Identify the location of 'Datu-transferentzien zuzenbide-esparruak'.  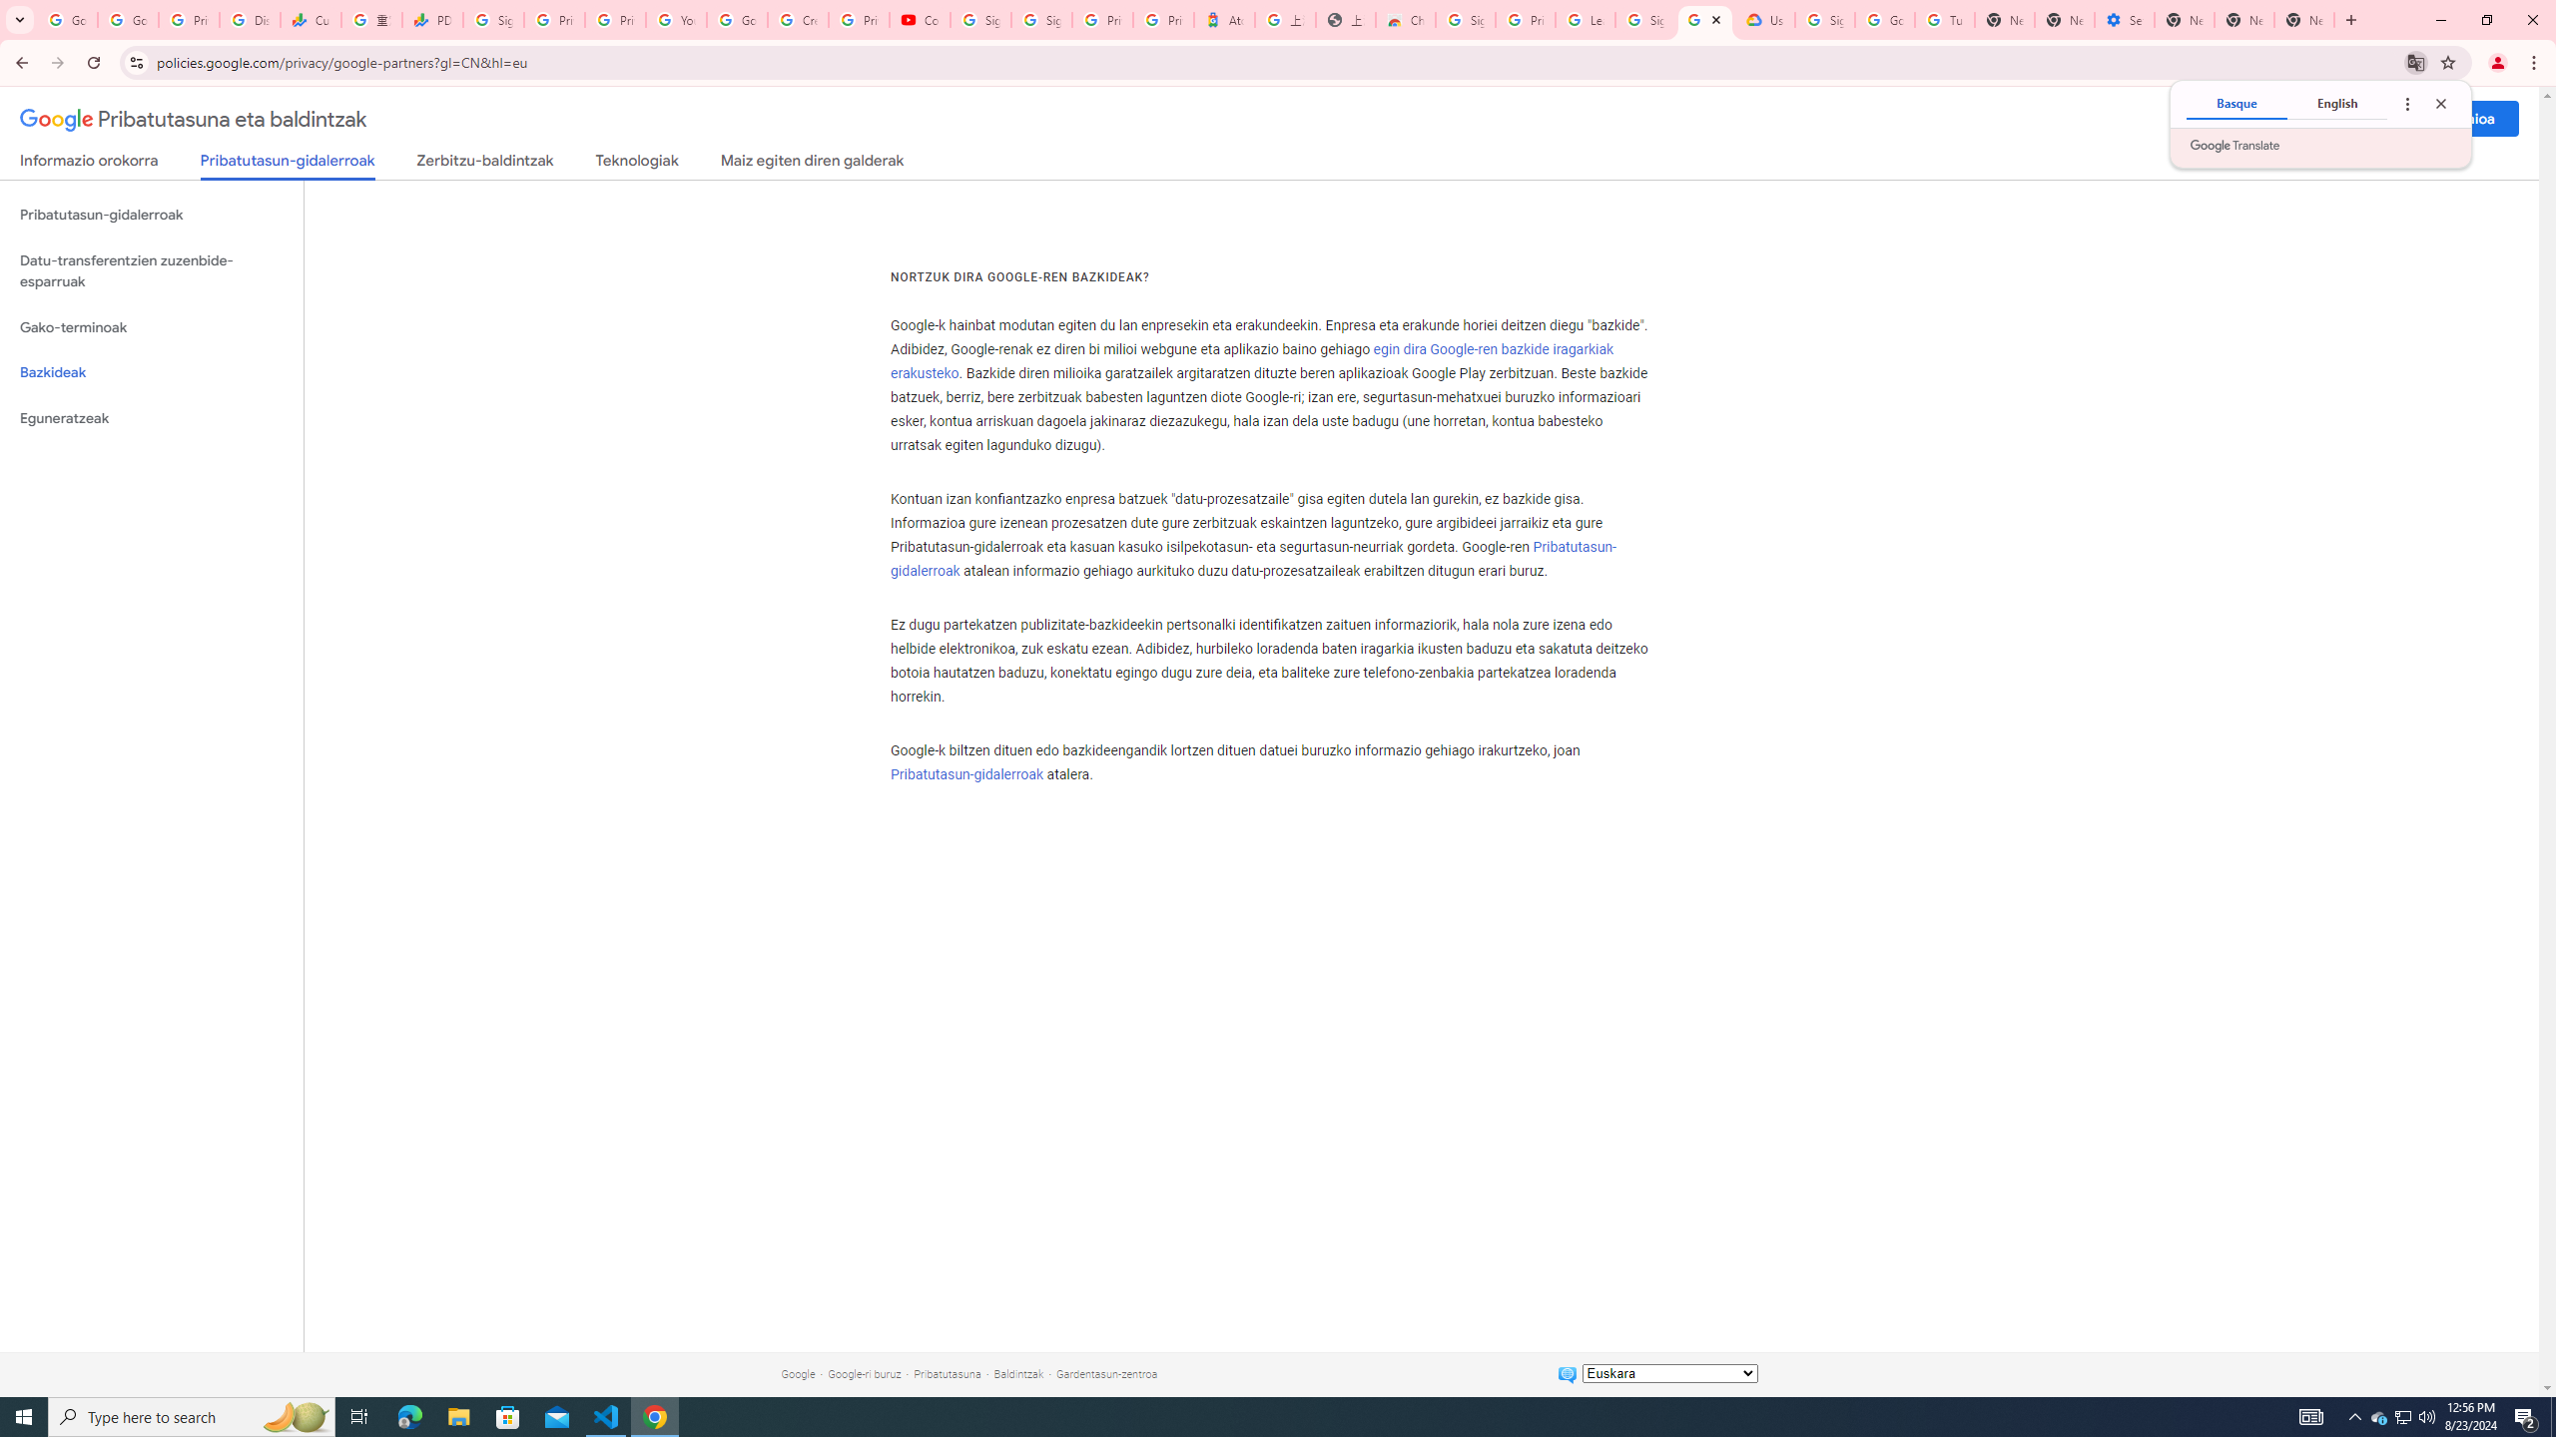
(151, 270).